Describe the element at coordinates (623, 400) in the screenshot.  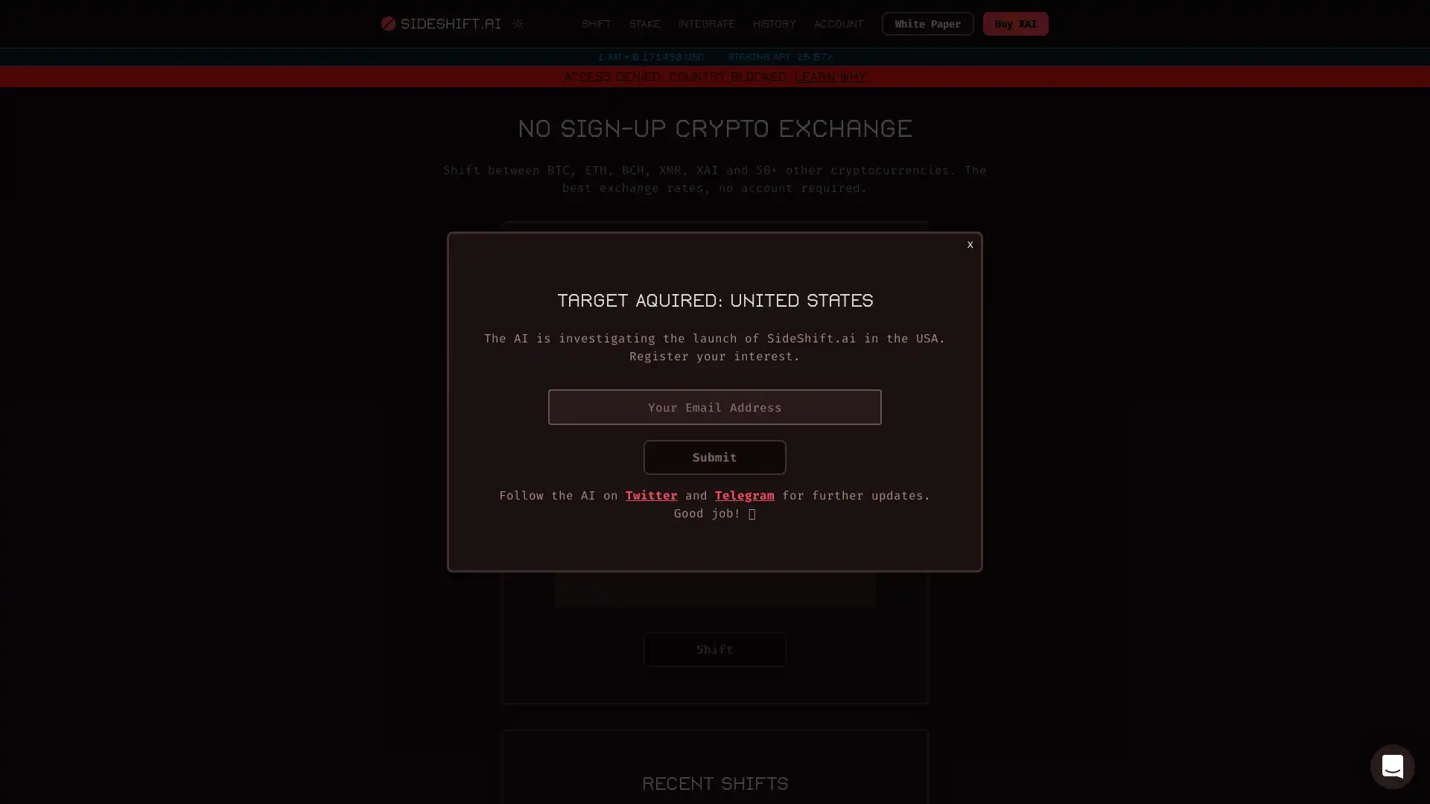
I see `You send BTC` at that location.